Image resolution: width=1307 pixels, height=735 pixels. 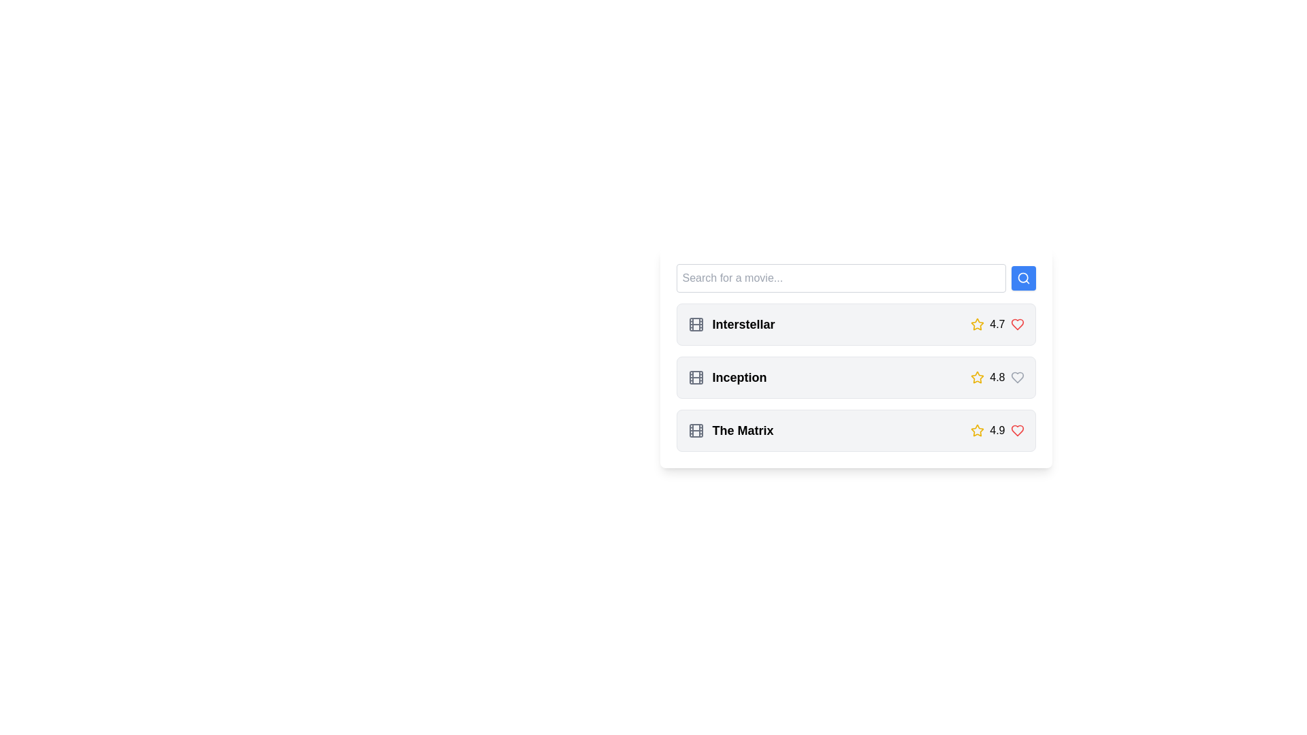 I want to click on the circular portion of the magnifying glass icon located to the right of the search bar, so click(x=1022, y=277).